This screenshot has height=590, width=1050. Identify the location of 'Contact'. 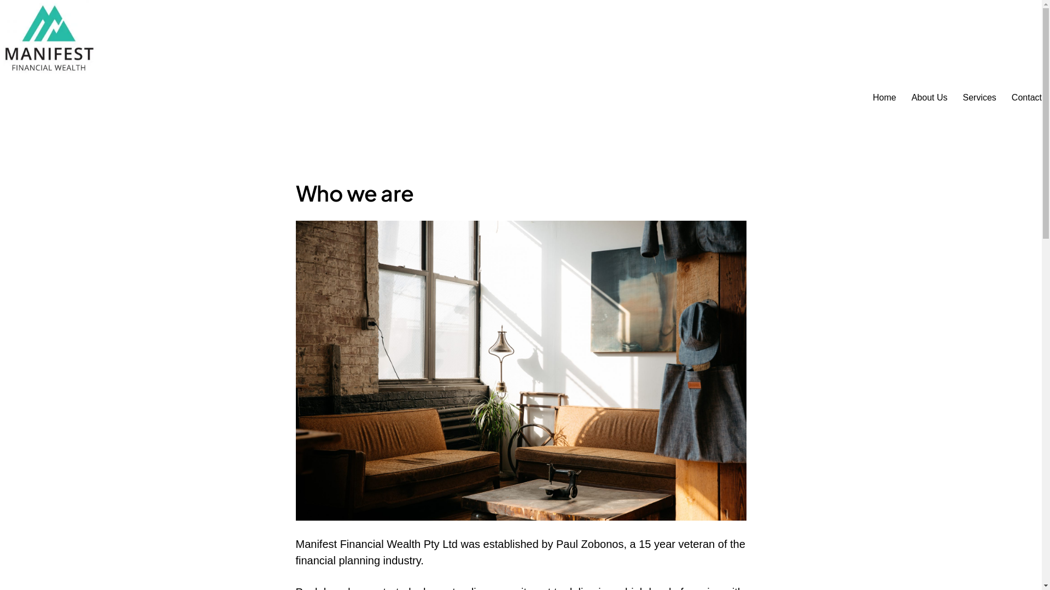
(1026, 97).